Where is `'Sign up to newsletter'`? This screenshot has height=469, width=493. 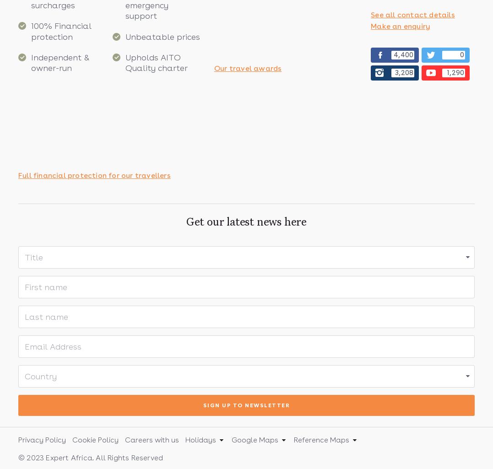
'Sign up to newsletter' is located at coordinates (245, 404).